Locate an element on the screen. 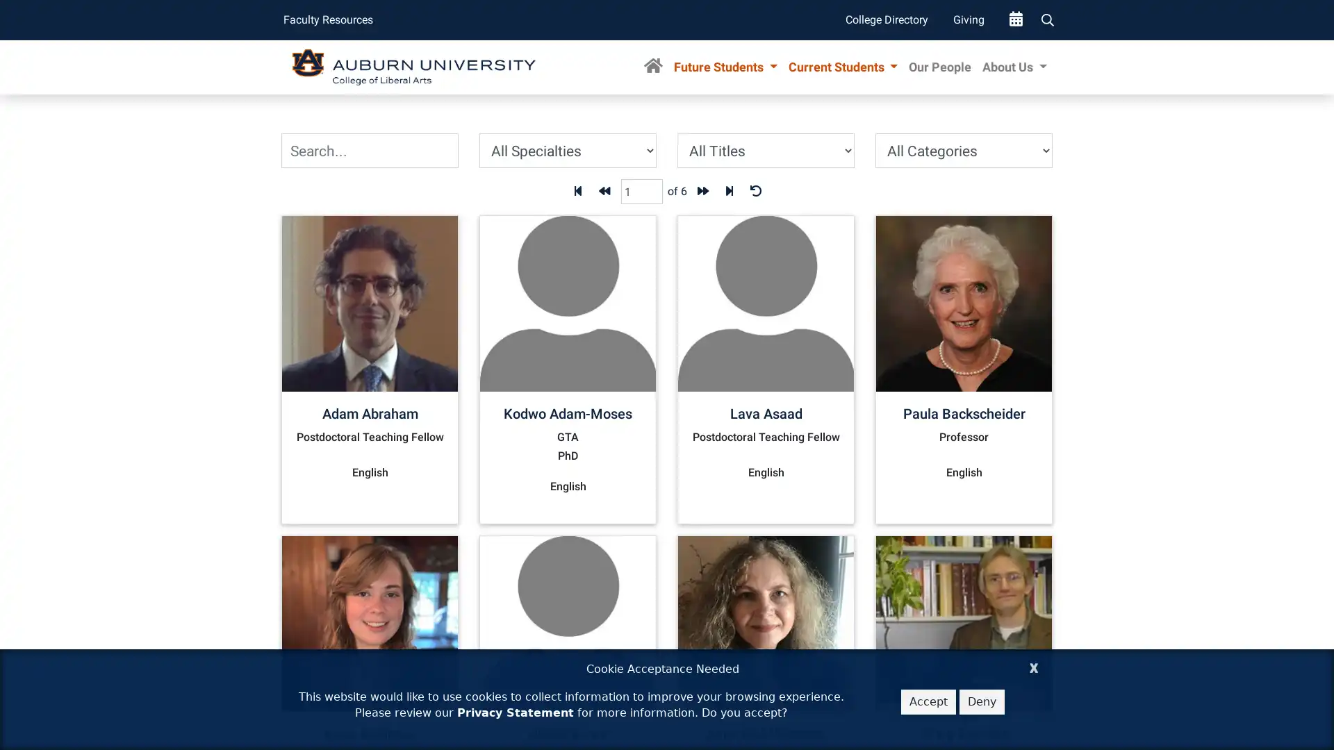 The height and width of the screenshot is (750, 1334). Back one page is located at coordinates (603, 192).